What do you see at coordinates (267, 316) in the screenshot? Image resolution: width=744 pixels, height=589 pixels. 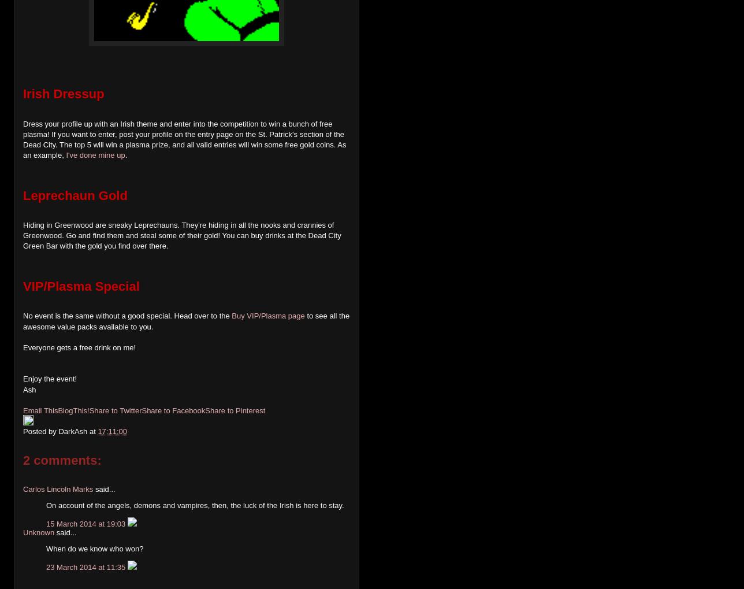 I see `'Buy VIP/Plasma page'` at bounding box center [267, 316].